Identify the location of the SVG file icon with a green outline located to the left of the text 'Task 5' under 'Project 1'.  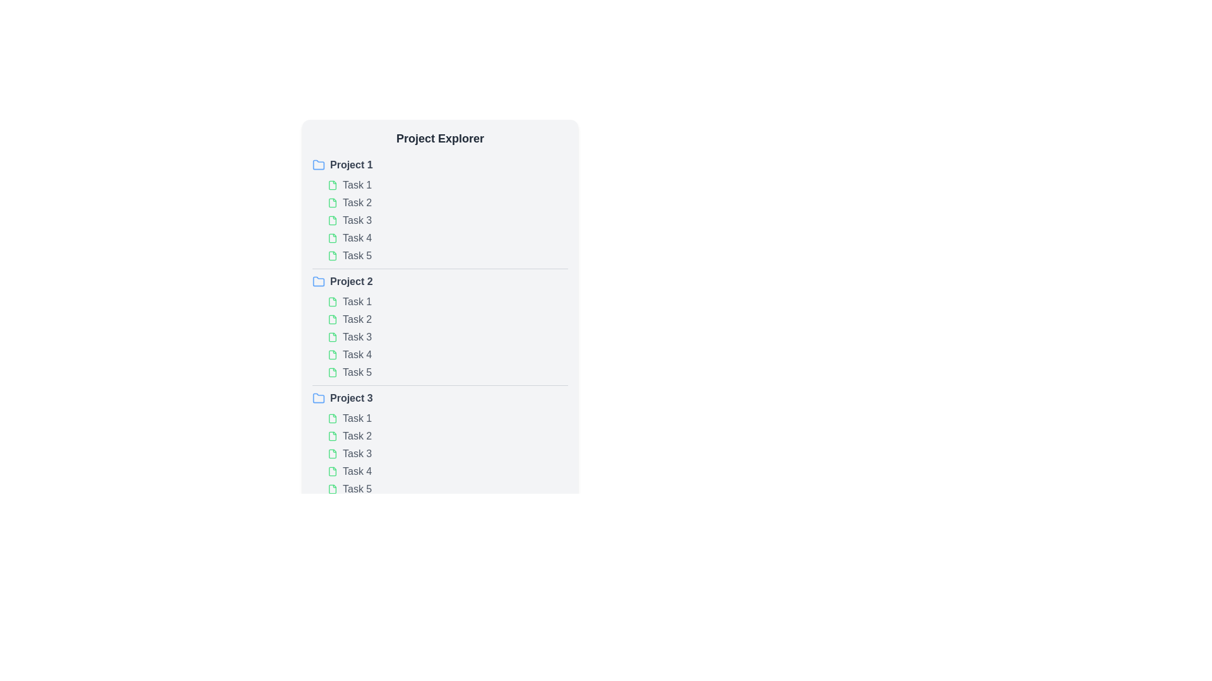
(333, 255).